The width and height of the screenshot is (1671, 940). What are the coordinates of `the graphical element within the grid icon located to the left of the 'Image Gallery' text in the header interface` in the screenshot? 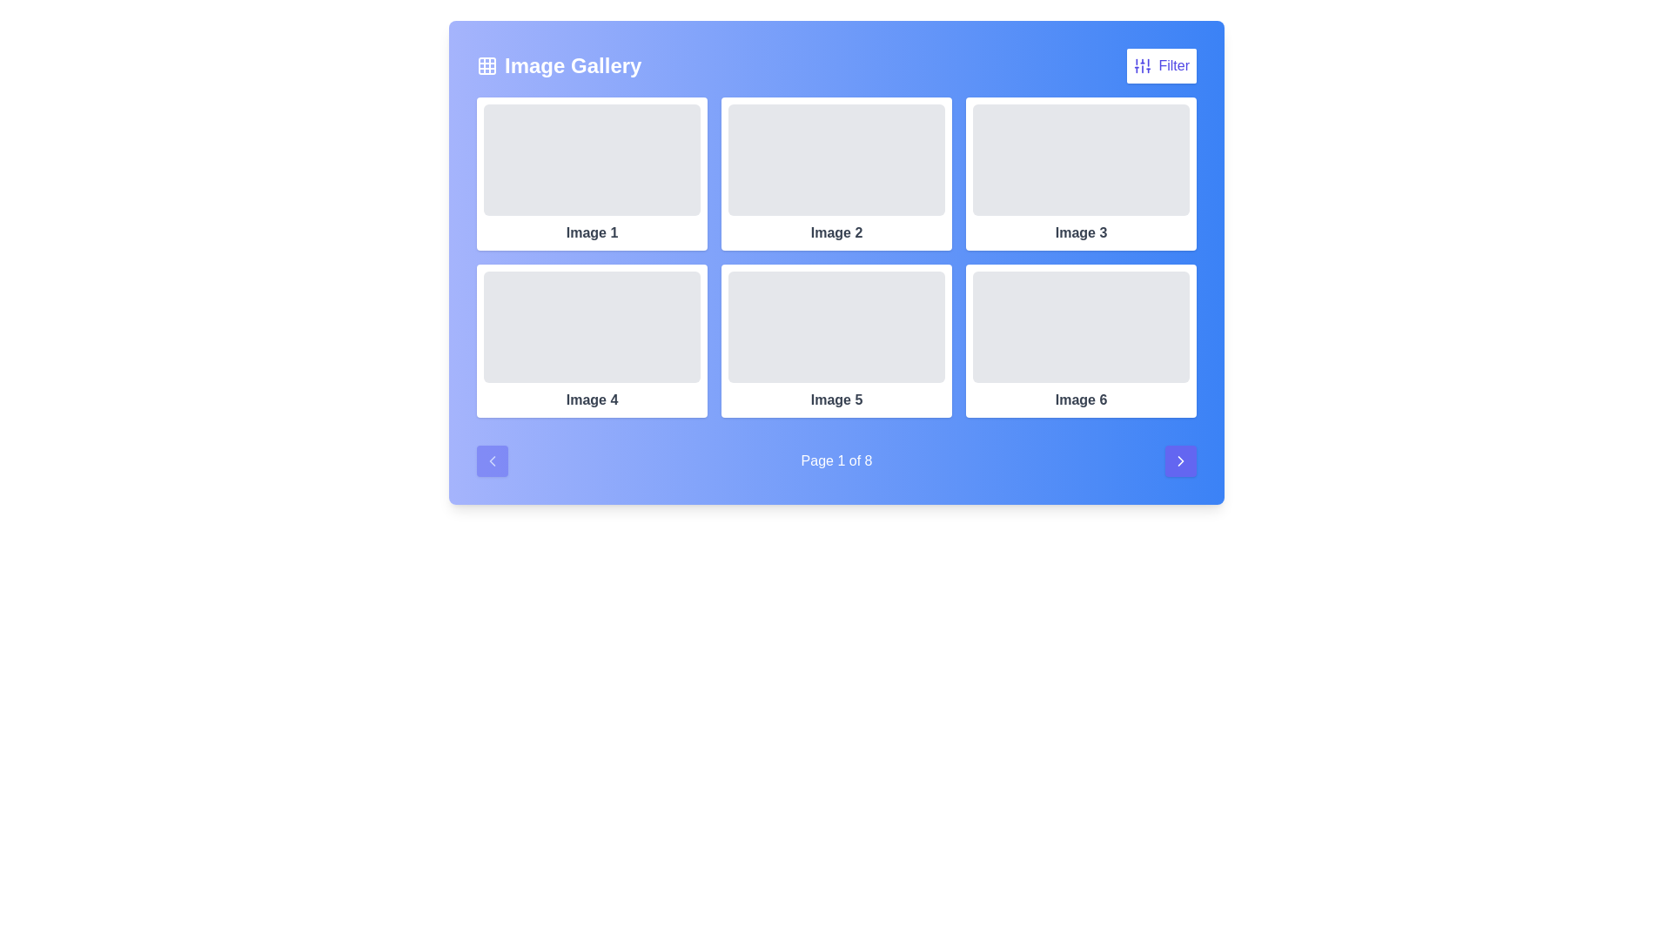 It's located at (487, 65).